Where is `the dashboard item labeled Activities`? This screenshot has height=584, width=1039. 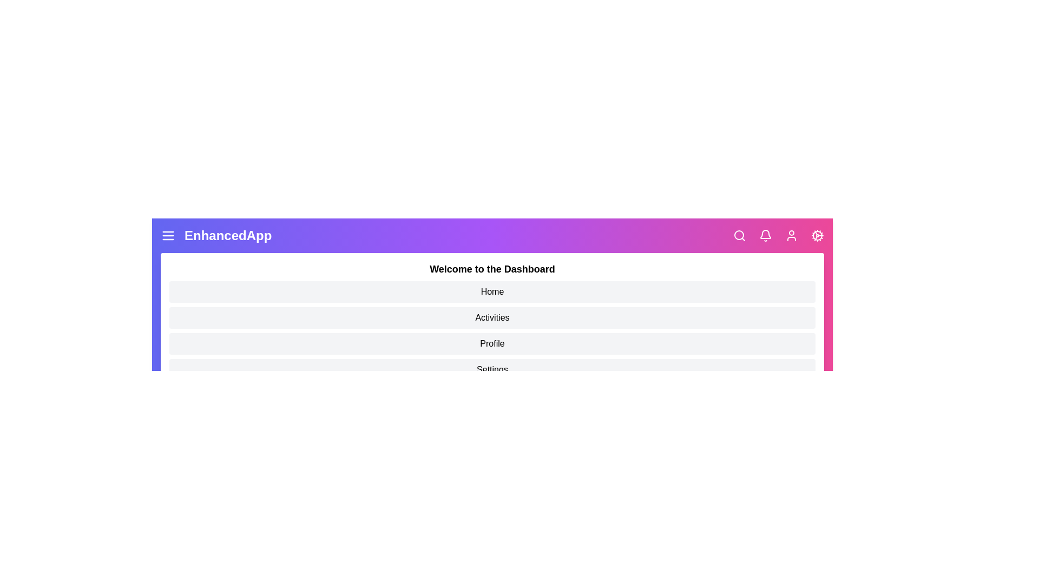
the dashboard item labeled Activities is located at coordinates (492, 317).